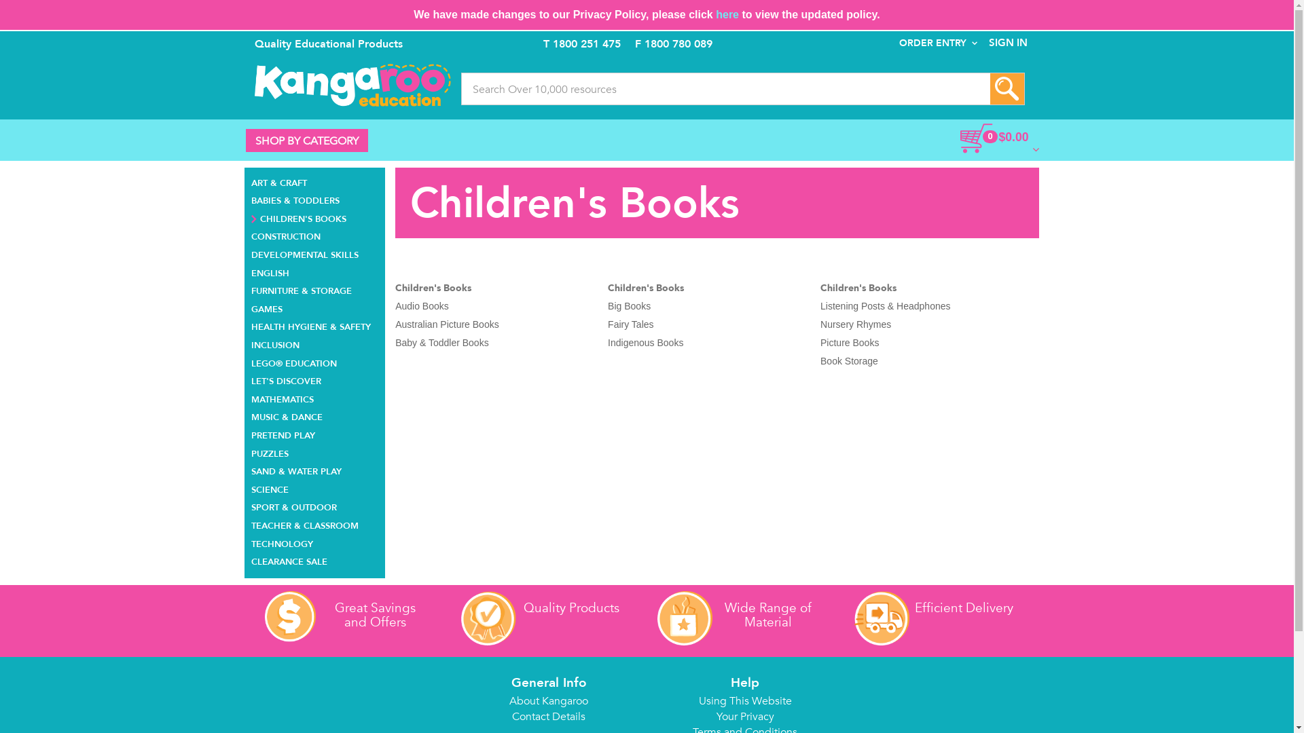 This screenshot has height=733, width=1304. What do you see at coordinates (715, 14) in the screenshot?
I see `'here'` at bounding box center [715, 14].